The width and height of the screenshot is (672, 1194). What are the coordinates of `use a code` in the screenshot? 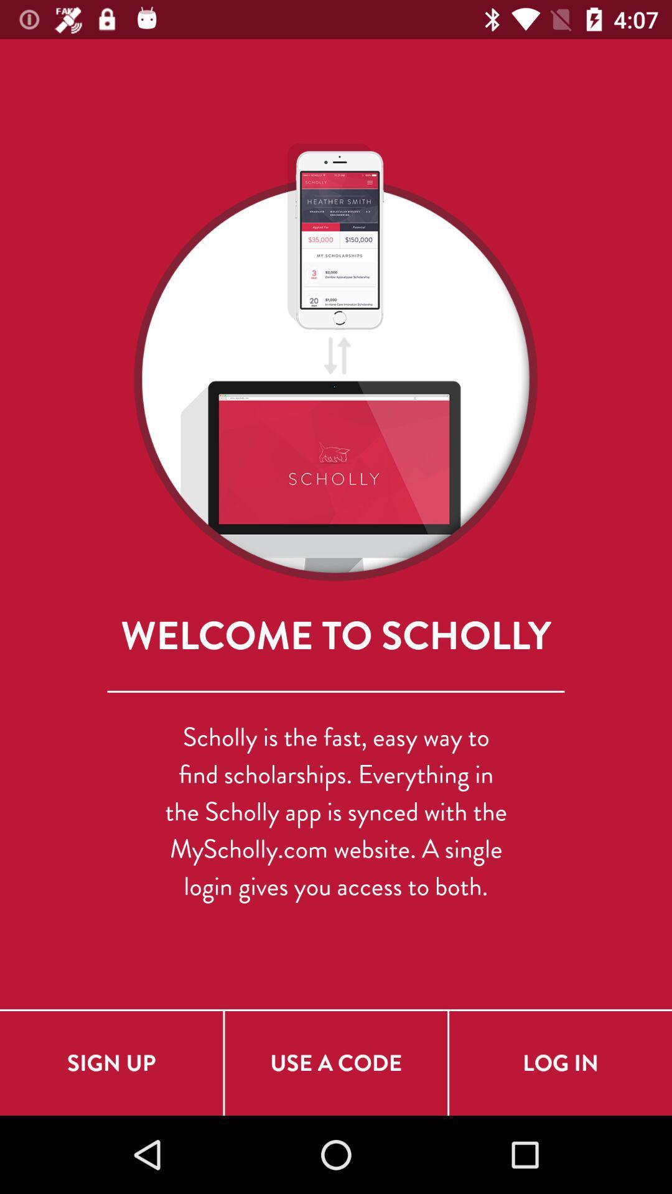 It's located at (336, 1062).